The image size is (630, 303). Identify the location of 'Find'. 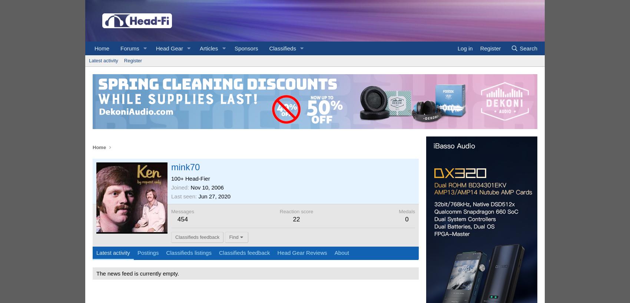
(233, 237).